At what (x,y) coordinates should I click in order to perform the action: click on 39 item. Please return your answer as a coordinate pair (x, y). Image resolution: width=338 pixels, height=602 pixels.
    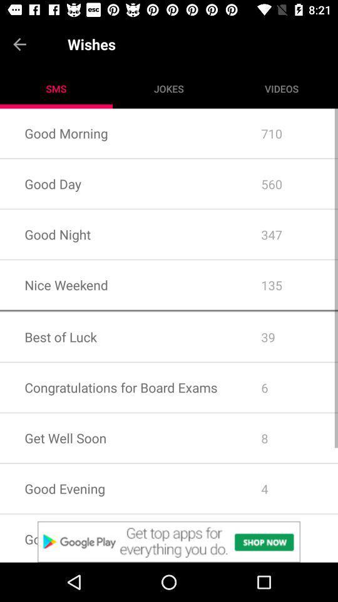
    Looking at the image, I should click on (287, 336).